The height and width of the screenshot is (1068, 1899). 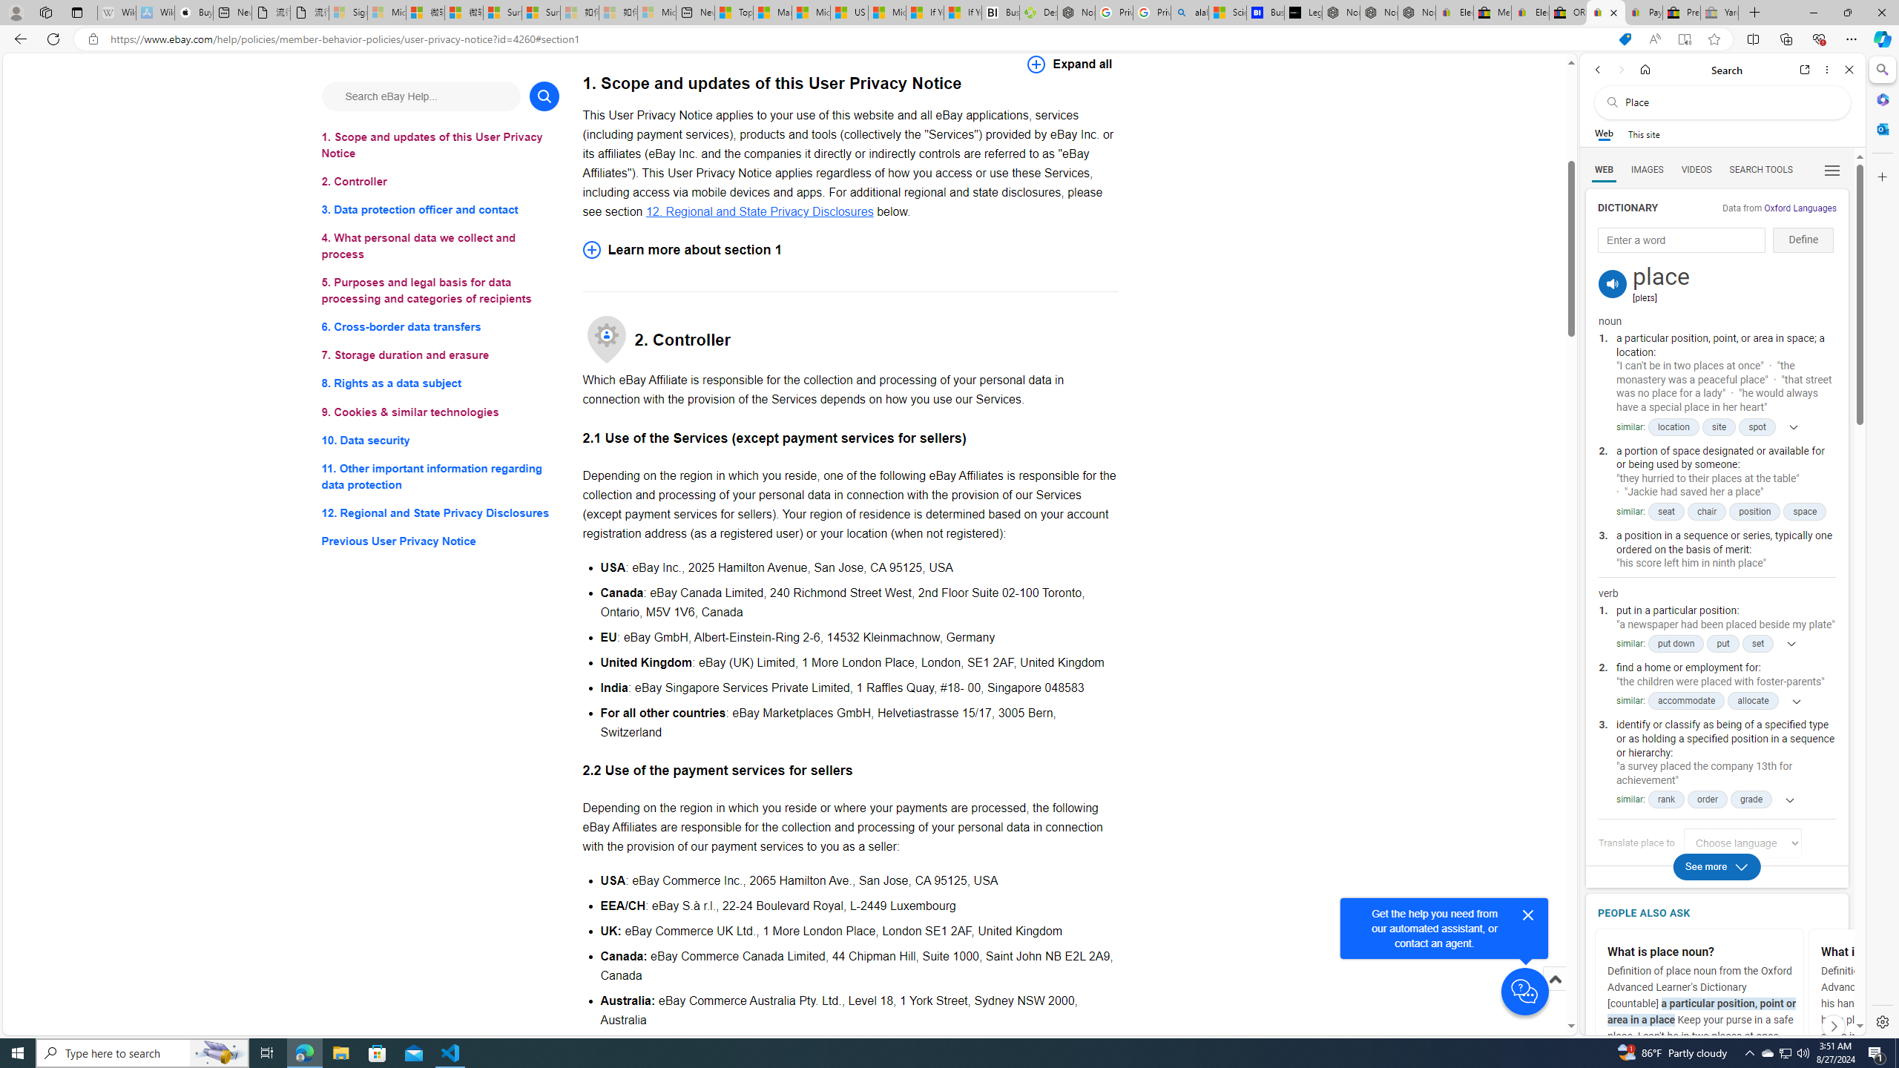 I want to click on 'accommodate', so click(x=1687, y=701).